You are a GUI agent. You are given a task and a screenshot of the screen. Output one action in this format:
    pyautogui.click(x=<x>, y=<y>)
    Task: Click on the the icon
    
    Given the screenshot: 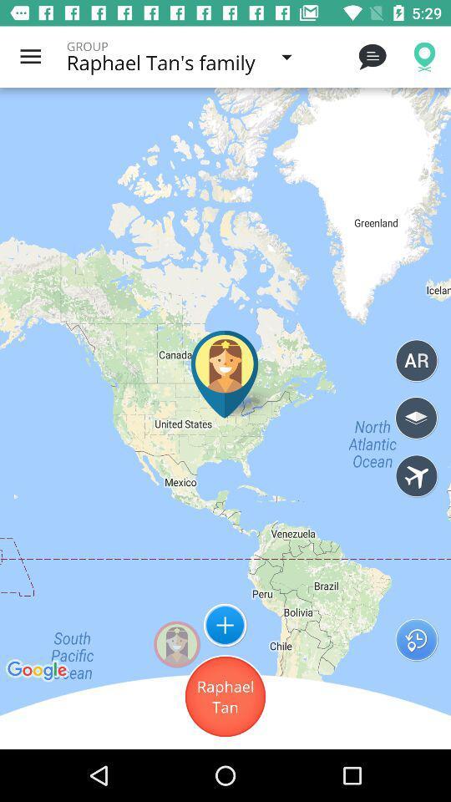 What is the action you would take?
    pyautogui.click(x=225, y=624)
    